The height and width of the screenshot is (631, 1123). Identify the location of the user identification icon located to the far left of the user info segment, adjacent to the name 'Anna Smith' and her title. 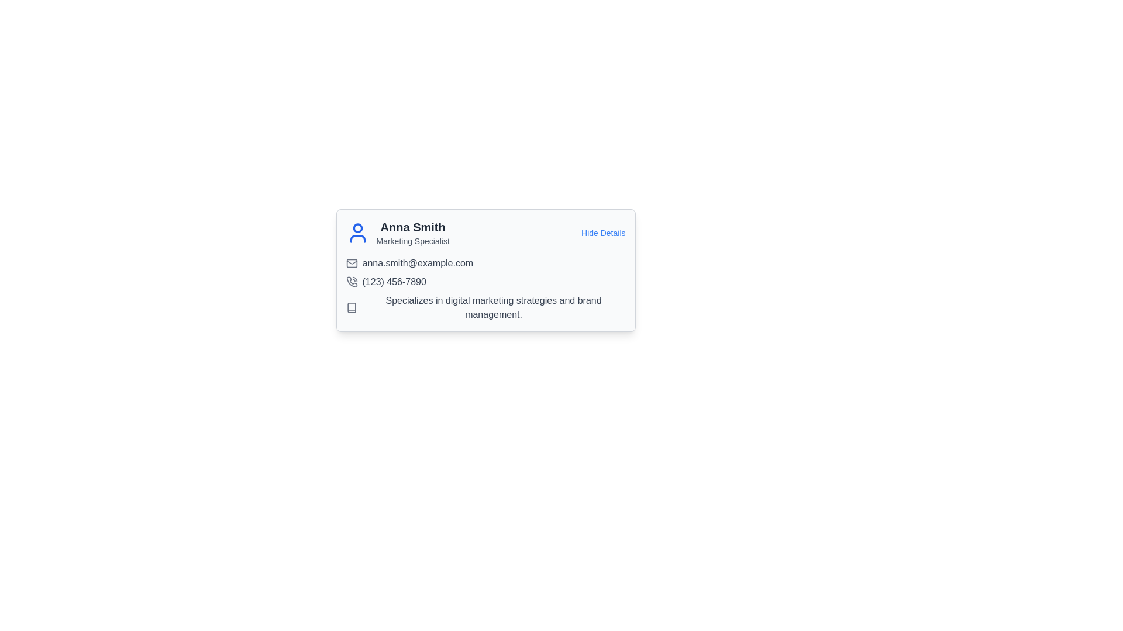
(357, 233).